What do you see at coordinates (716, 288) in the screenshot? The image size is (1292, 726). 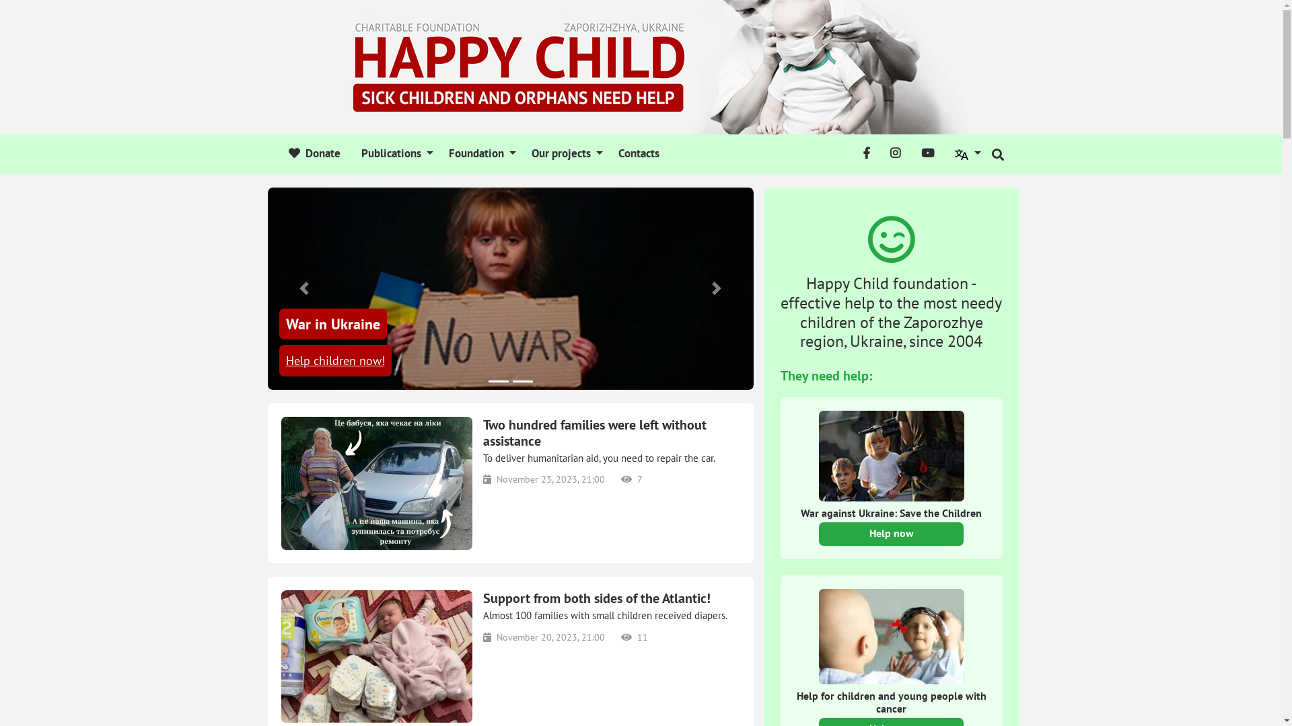 I see `'Next'` at bounding box center [716, 288].